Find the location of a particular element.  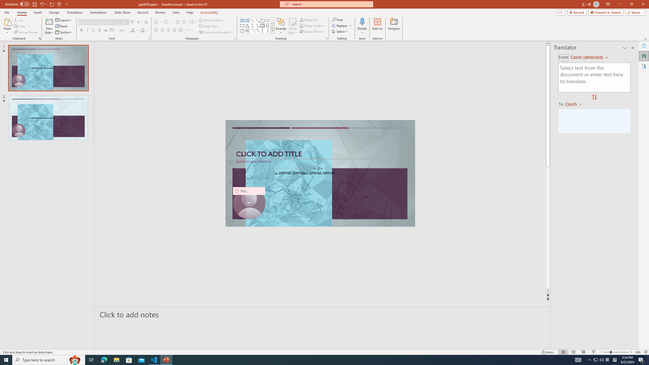

'Subtitle TextBox' is located at coordinates (320, 163).